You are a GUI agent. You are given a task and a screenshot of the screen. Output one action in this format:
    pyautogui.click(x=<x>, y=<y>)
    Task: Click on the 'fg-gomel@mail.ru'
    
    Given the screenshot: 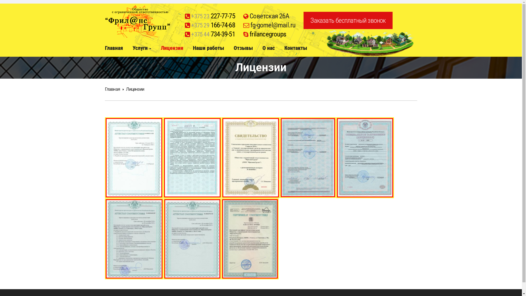 What is the action you would take?
    pyautogui.click(x=273, y=25)
    